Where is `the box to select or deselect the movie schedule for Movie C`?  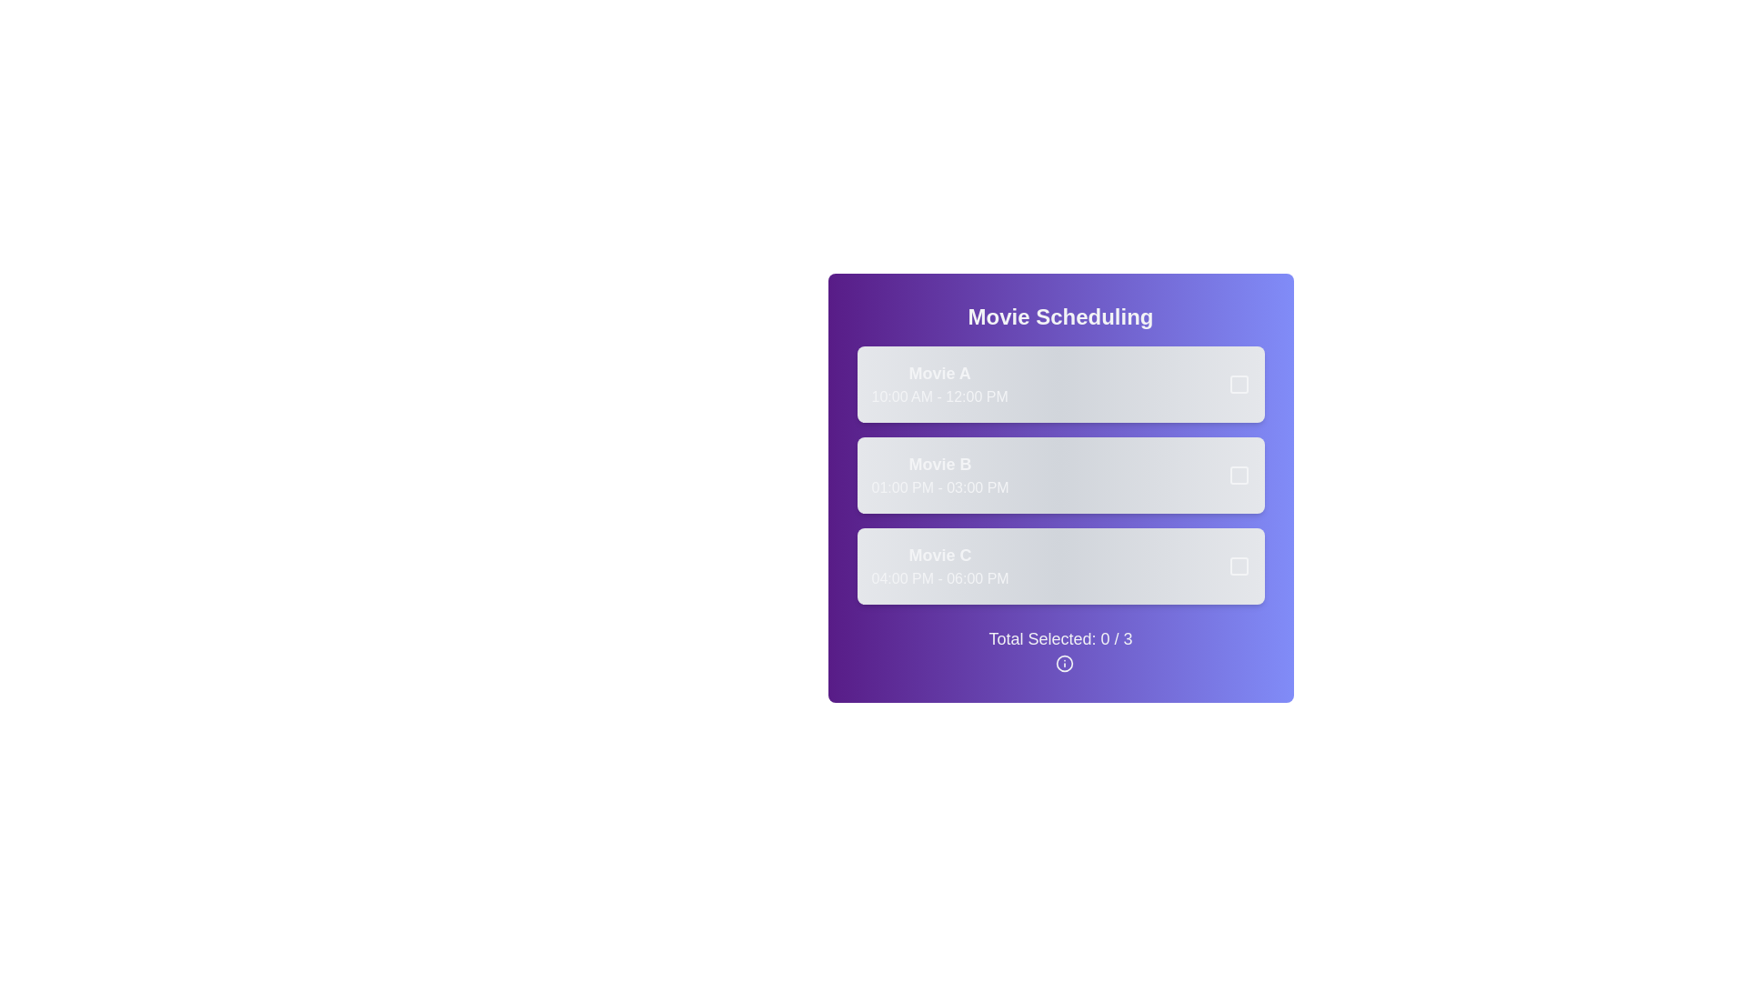
the box to select or deselect the movie schedule for Movie C is located at coordinates (1228, 566).